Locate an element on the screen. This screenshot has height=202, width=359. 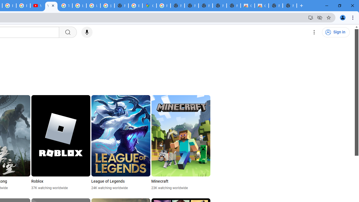
'YouTube' is located at coordinates (37, 6).